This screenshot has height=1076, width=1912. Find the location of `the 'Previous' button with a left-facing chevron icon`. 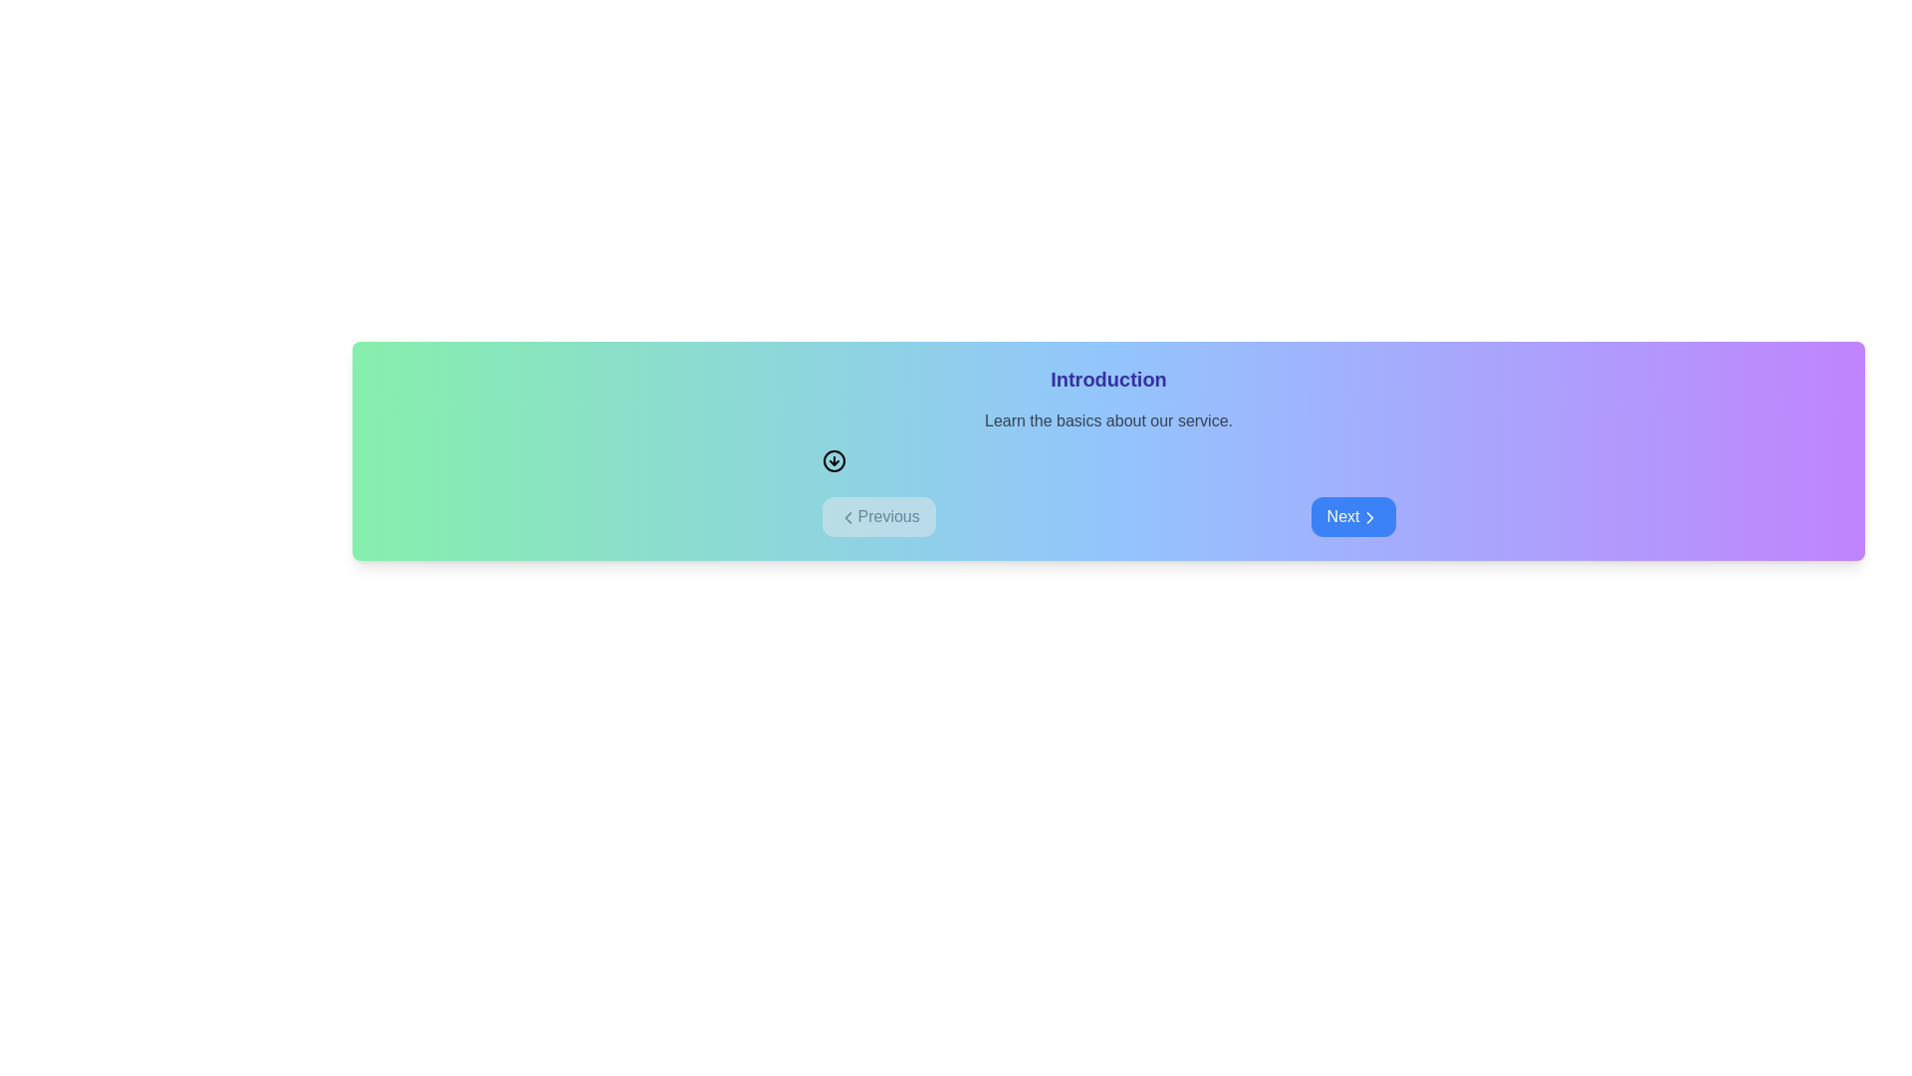

the 'Previous' button with a left-facing chevron icon is located at coordinates (877, 516).